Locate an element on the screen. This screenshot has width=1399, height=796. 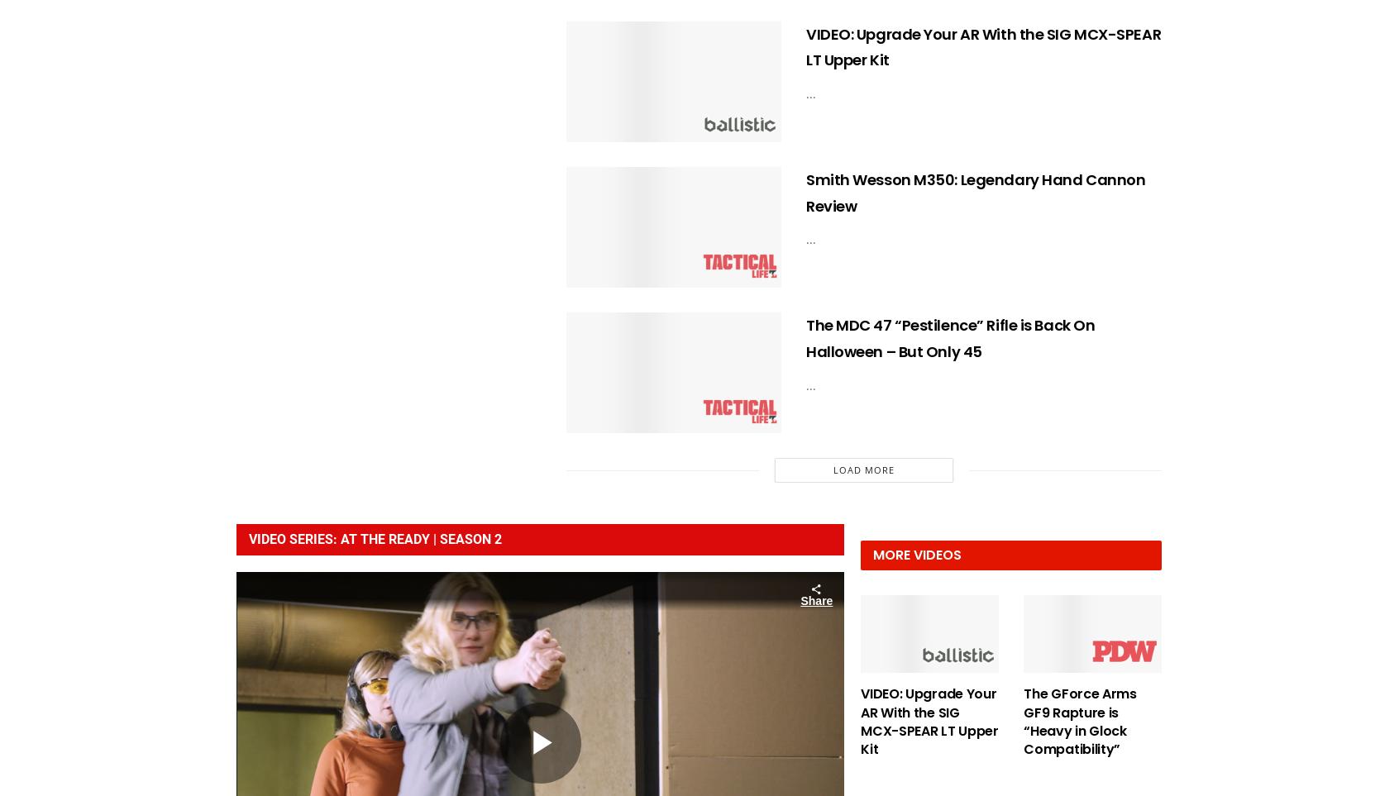
'AT THE READY | SEASON 2' is located at coordinates (341, 538).